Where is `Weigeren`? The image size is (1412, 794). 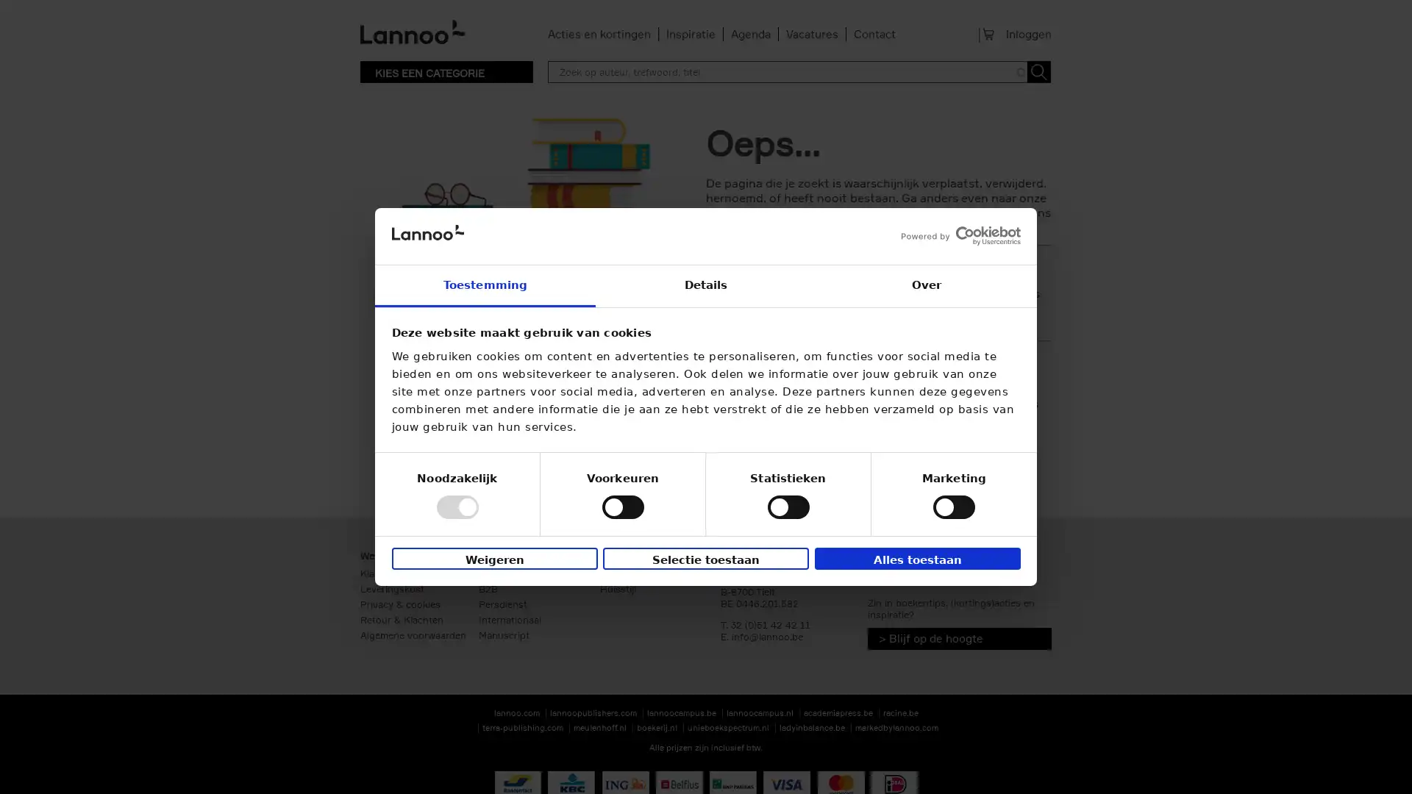
Weigeren is located at coordinates (494, 558).